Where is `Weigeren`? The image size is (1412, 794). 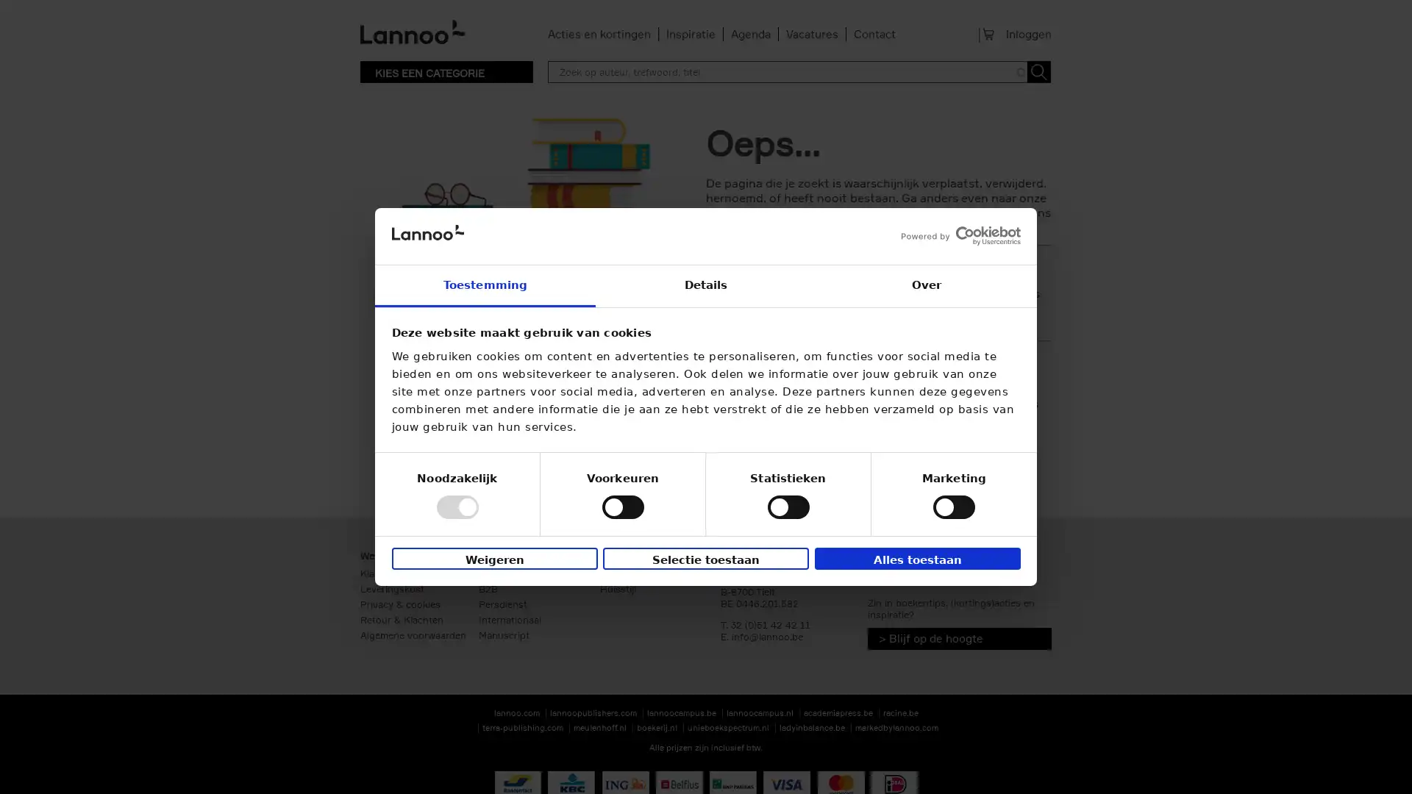
Weigeren is located at coordinates (494, 558).